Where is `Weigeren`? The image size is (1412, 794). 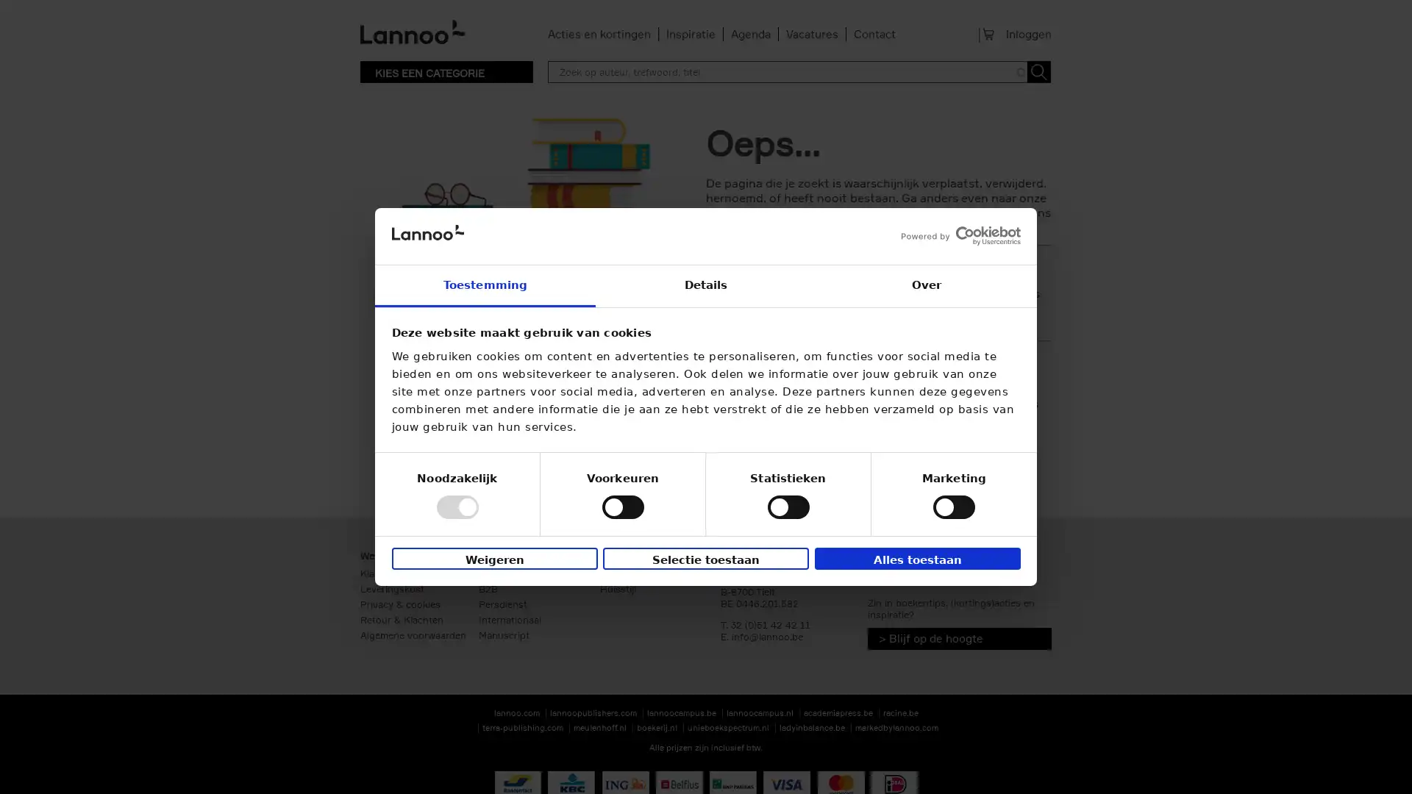
Weigeren is located at coordinates (494, 558).